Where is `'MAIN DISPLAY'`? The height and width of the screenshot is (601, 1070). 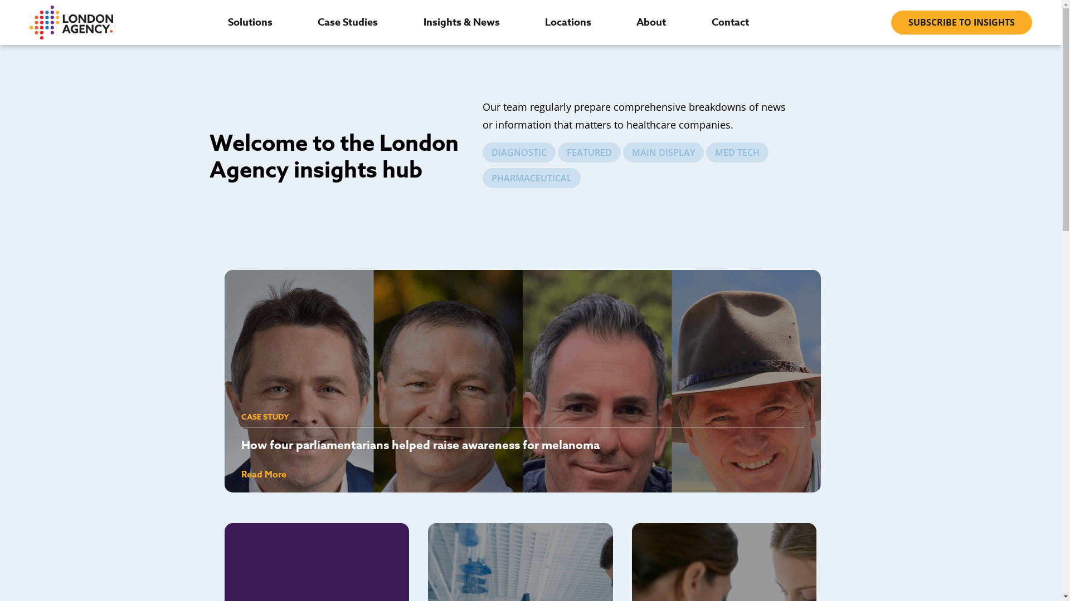 'MAIN DISPLAY' is located at coordinates (663, 152).